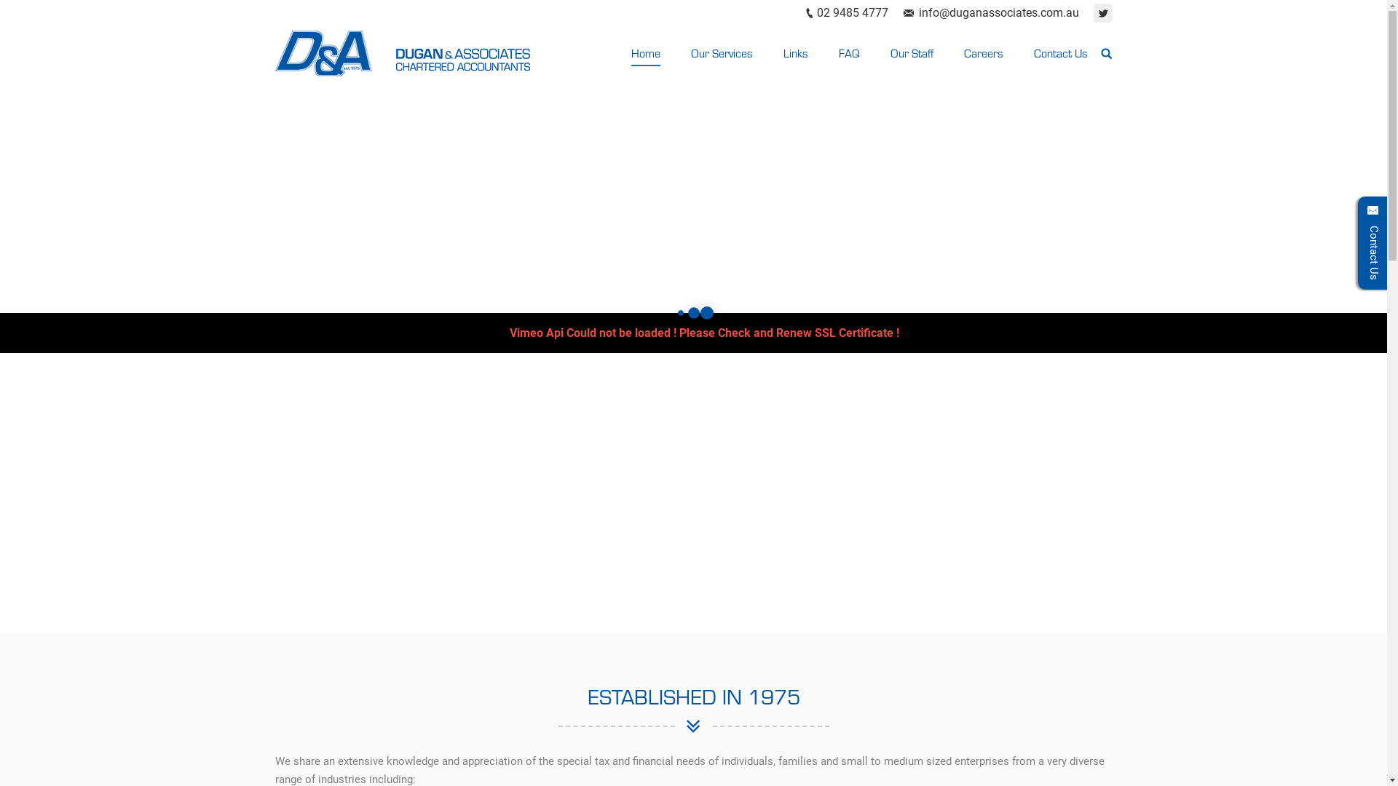 This screenshot has height=786, width=1398. Describe the element at coordinates (1103, 13) in the screenshot. I see `'Twitter'` at that location.